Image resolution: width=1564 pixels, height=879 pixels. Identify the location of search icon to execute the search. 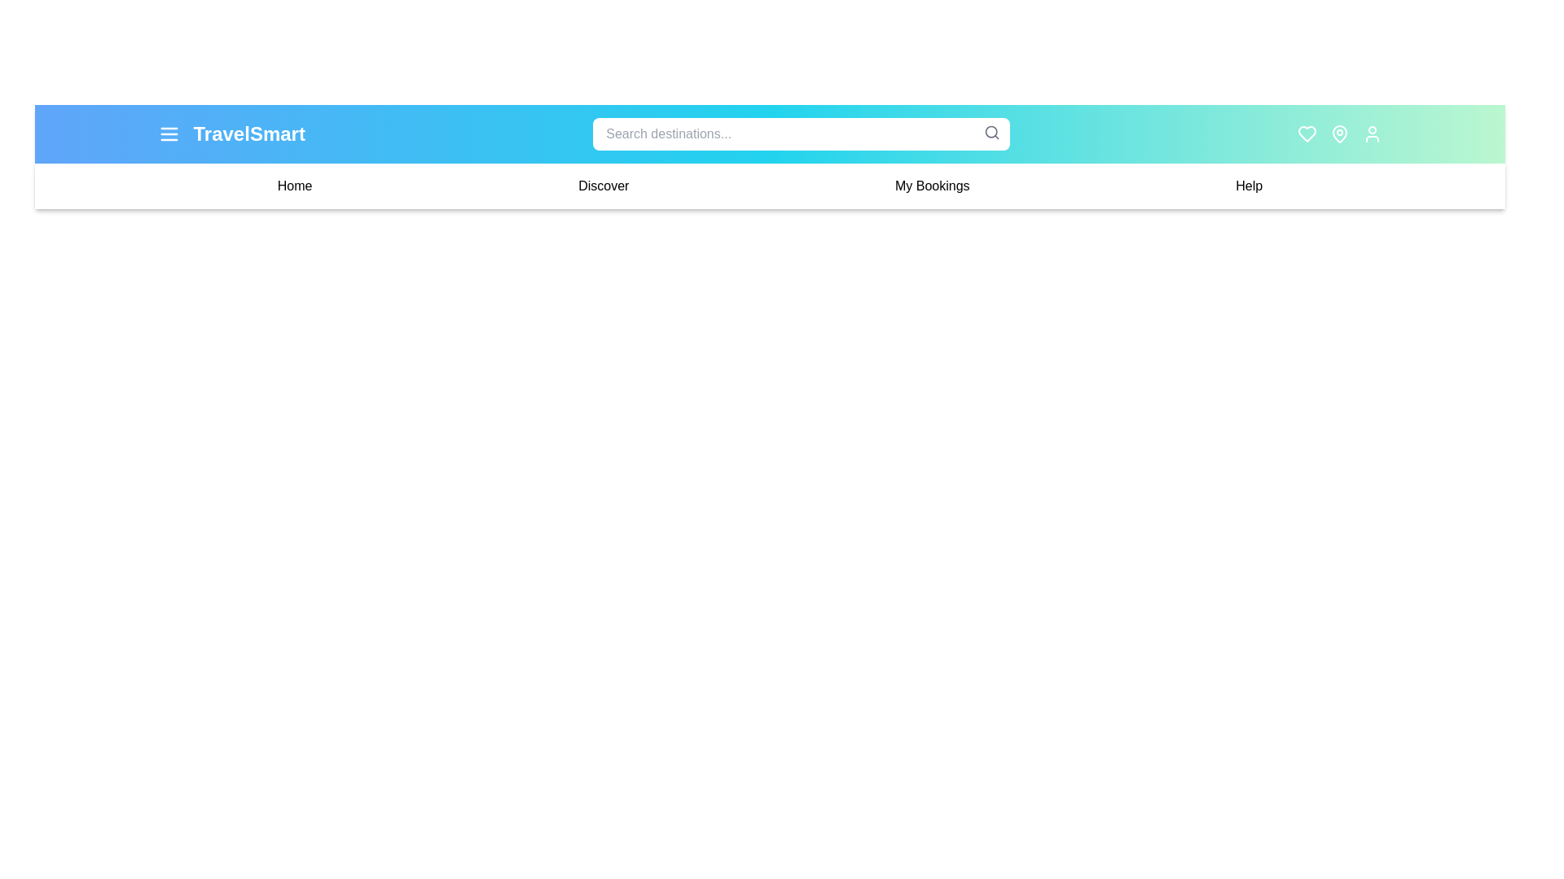
(991, 131).